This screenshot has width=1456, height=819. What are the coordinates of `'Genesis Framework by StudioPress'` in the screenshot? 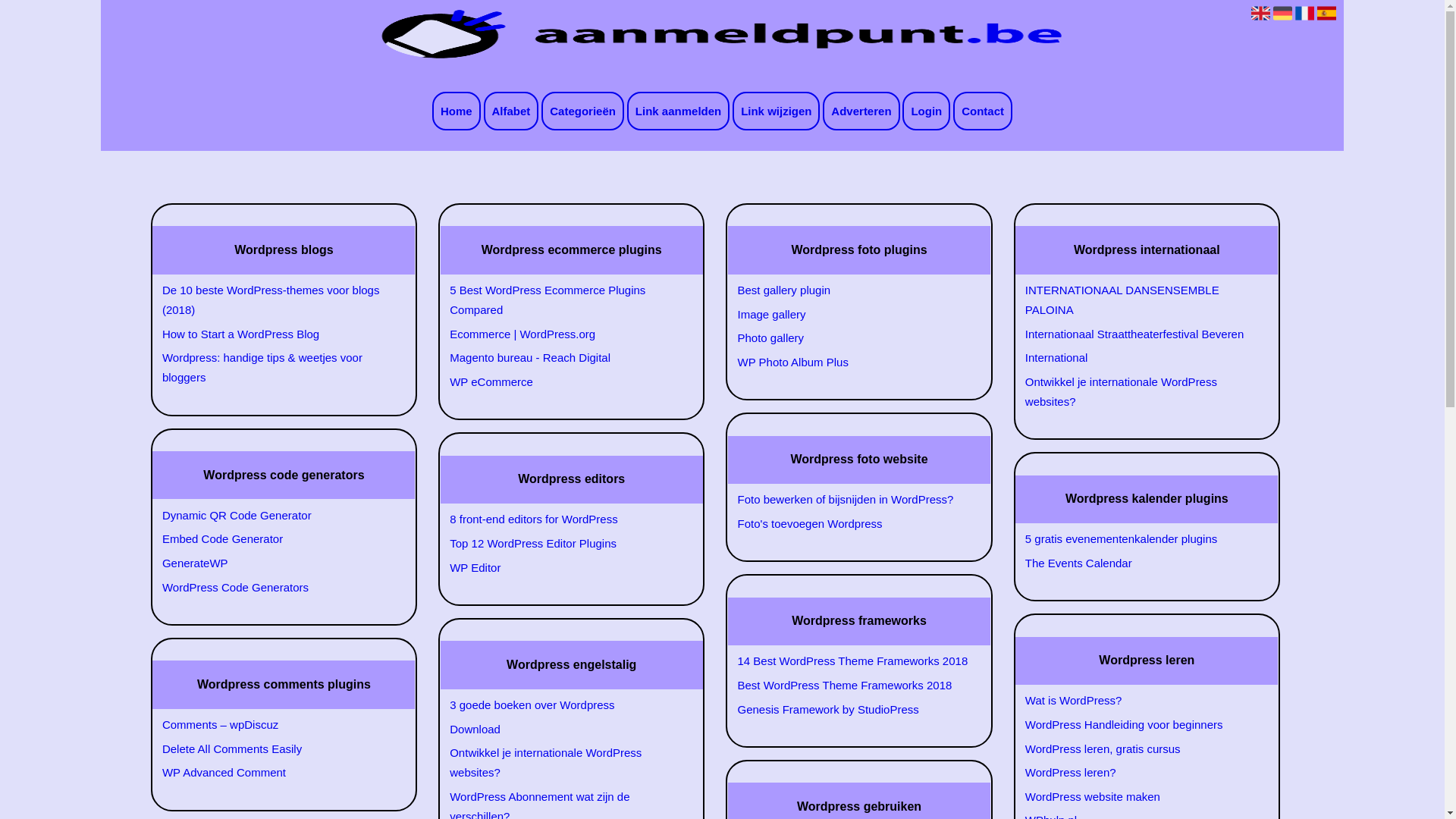 It's located at (850, 710).